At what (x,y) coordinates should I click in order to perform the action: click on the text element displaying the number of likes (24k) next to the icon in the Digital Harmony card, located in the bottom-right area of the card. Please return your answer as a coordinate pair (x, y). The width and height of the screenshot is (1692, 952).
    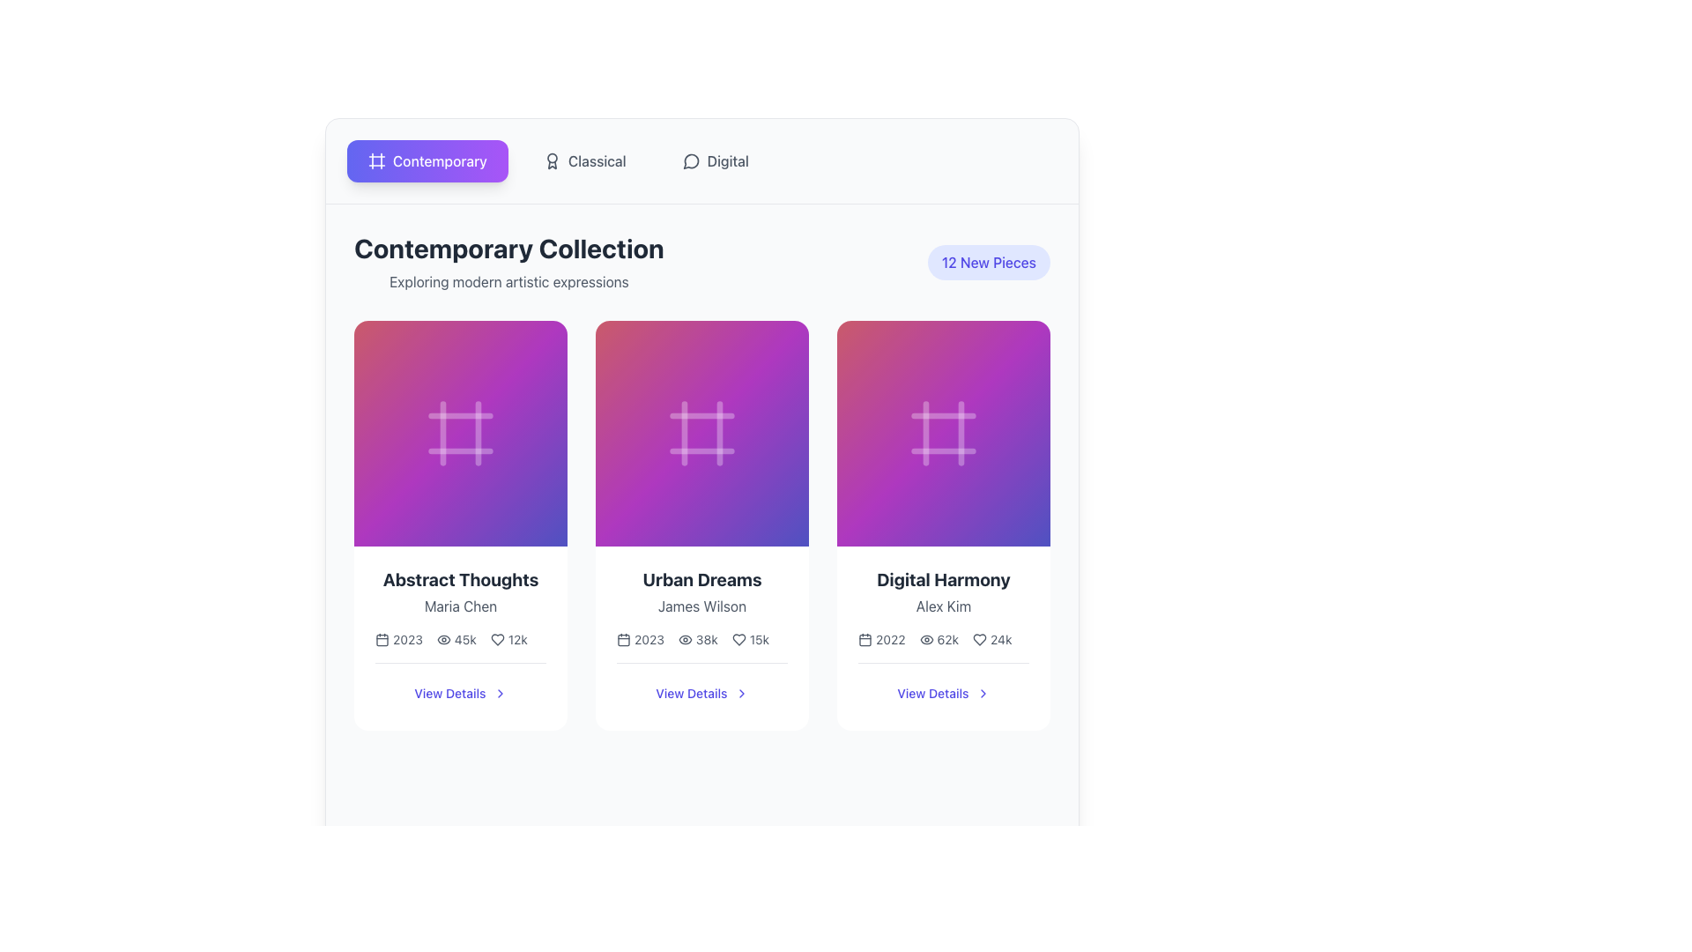
    Looking at the image, I should click on (992, 639).